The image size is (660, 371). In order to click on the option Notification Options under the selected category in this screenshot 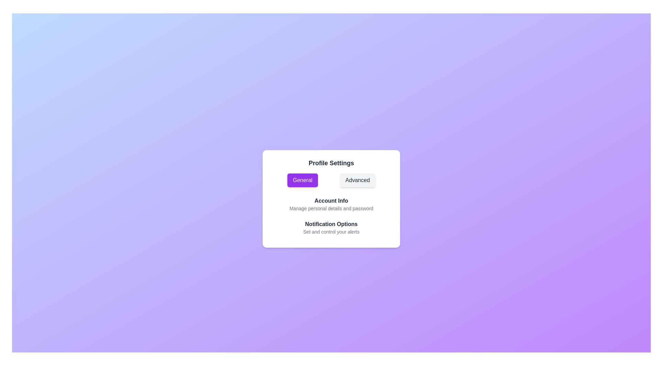, I will do `click(331, 224)`.